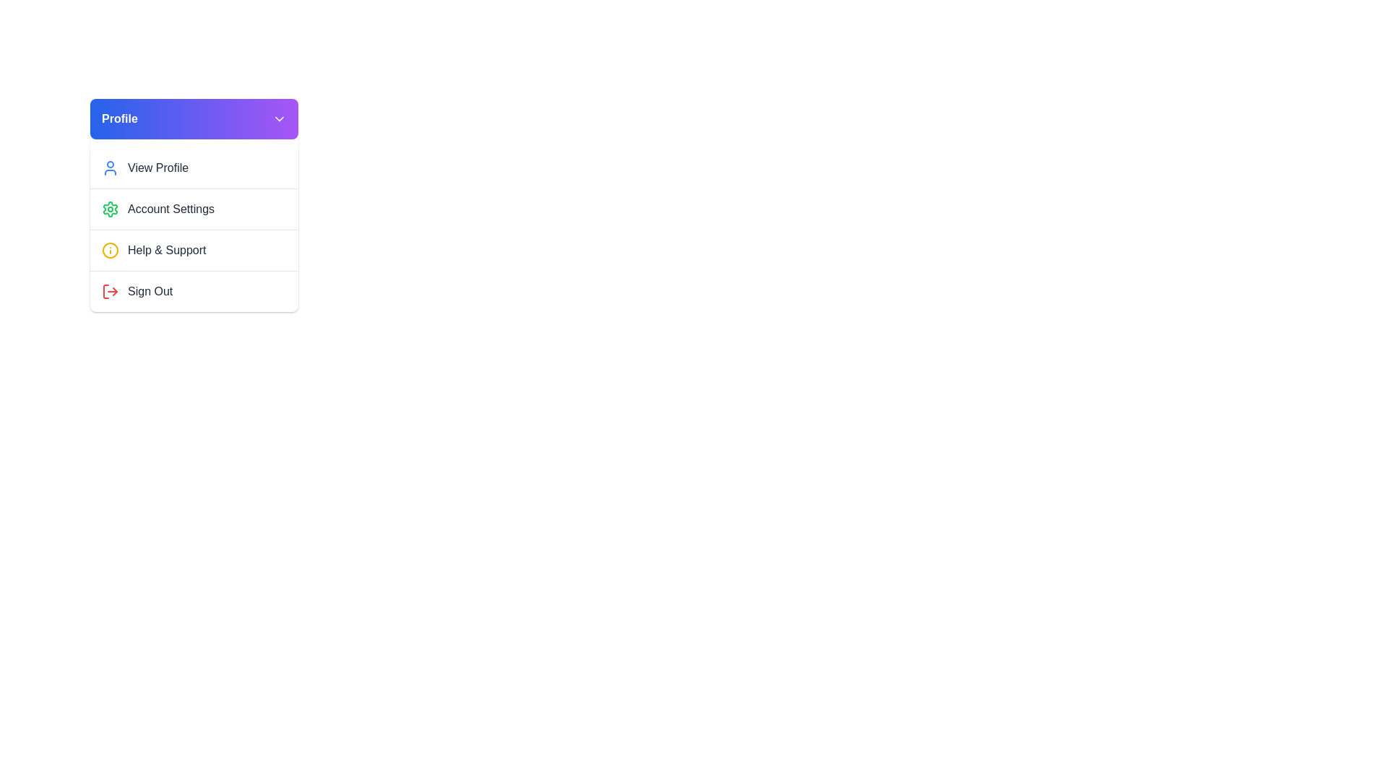 The height and width of the screenshot is (780, 1387). What do you see at coordinates (193, 249) in the screenshot?
I see `the 'Help & Support' button in the dropdown menu which features a yellow information icon on the left and is styled with a hover effect that changes the background to light gray` at bounding box center [193, 249].